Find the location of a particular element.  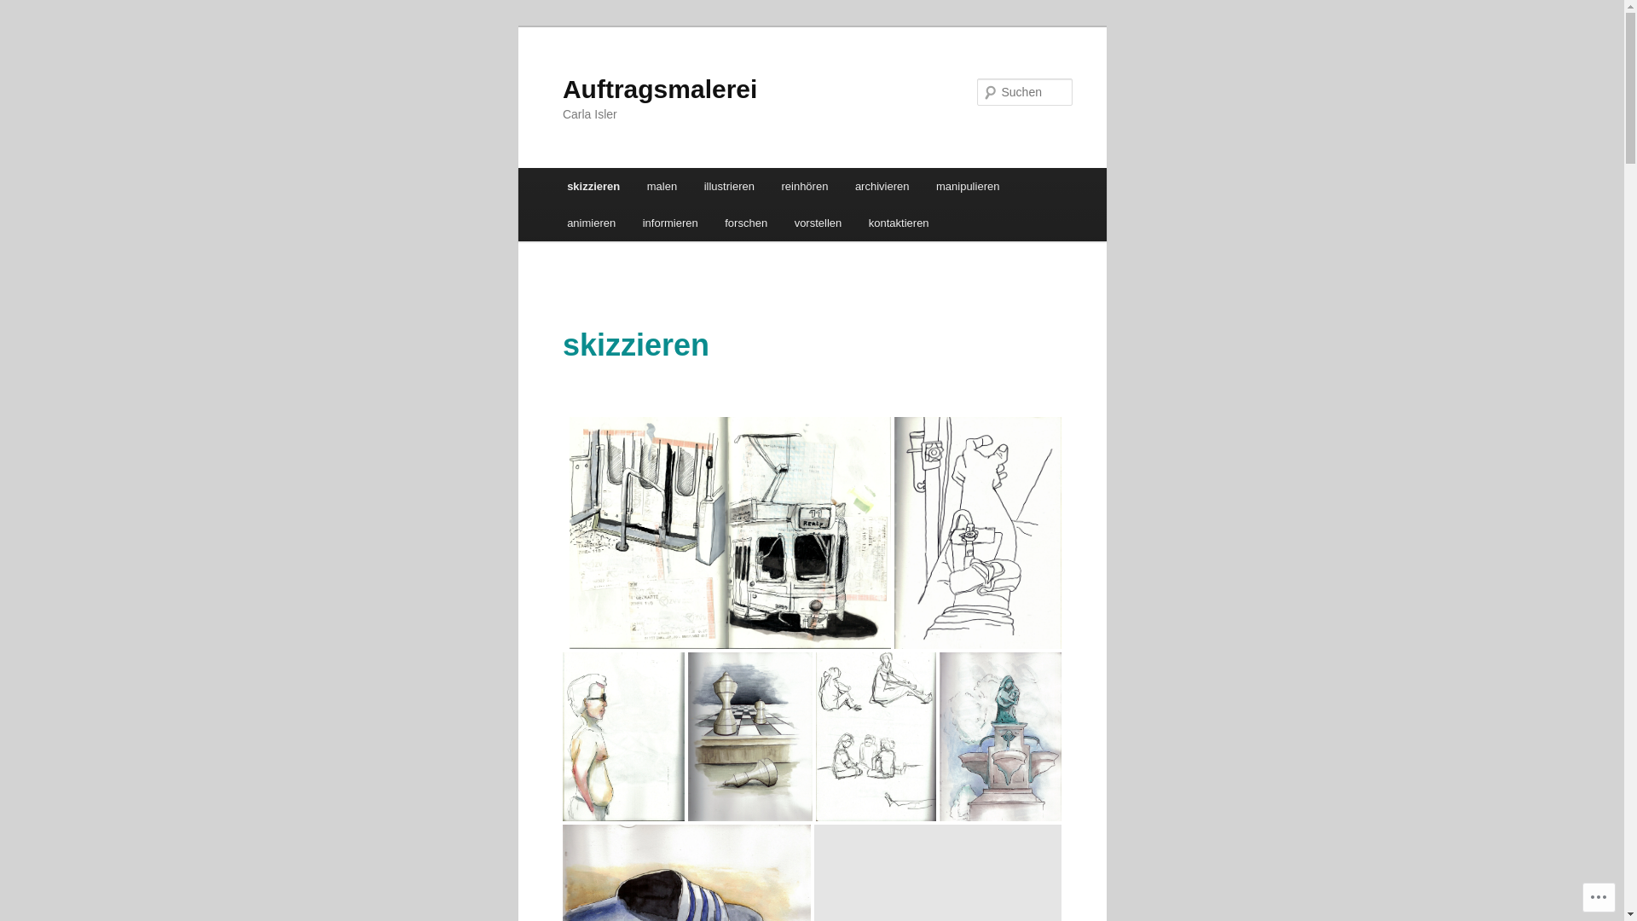

'informieren' is located at coordinates (669, 222).